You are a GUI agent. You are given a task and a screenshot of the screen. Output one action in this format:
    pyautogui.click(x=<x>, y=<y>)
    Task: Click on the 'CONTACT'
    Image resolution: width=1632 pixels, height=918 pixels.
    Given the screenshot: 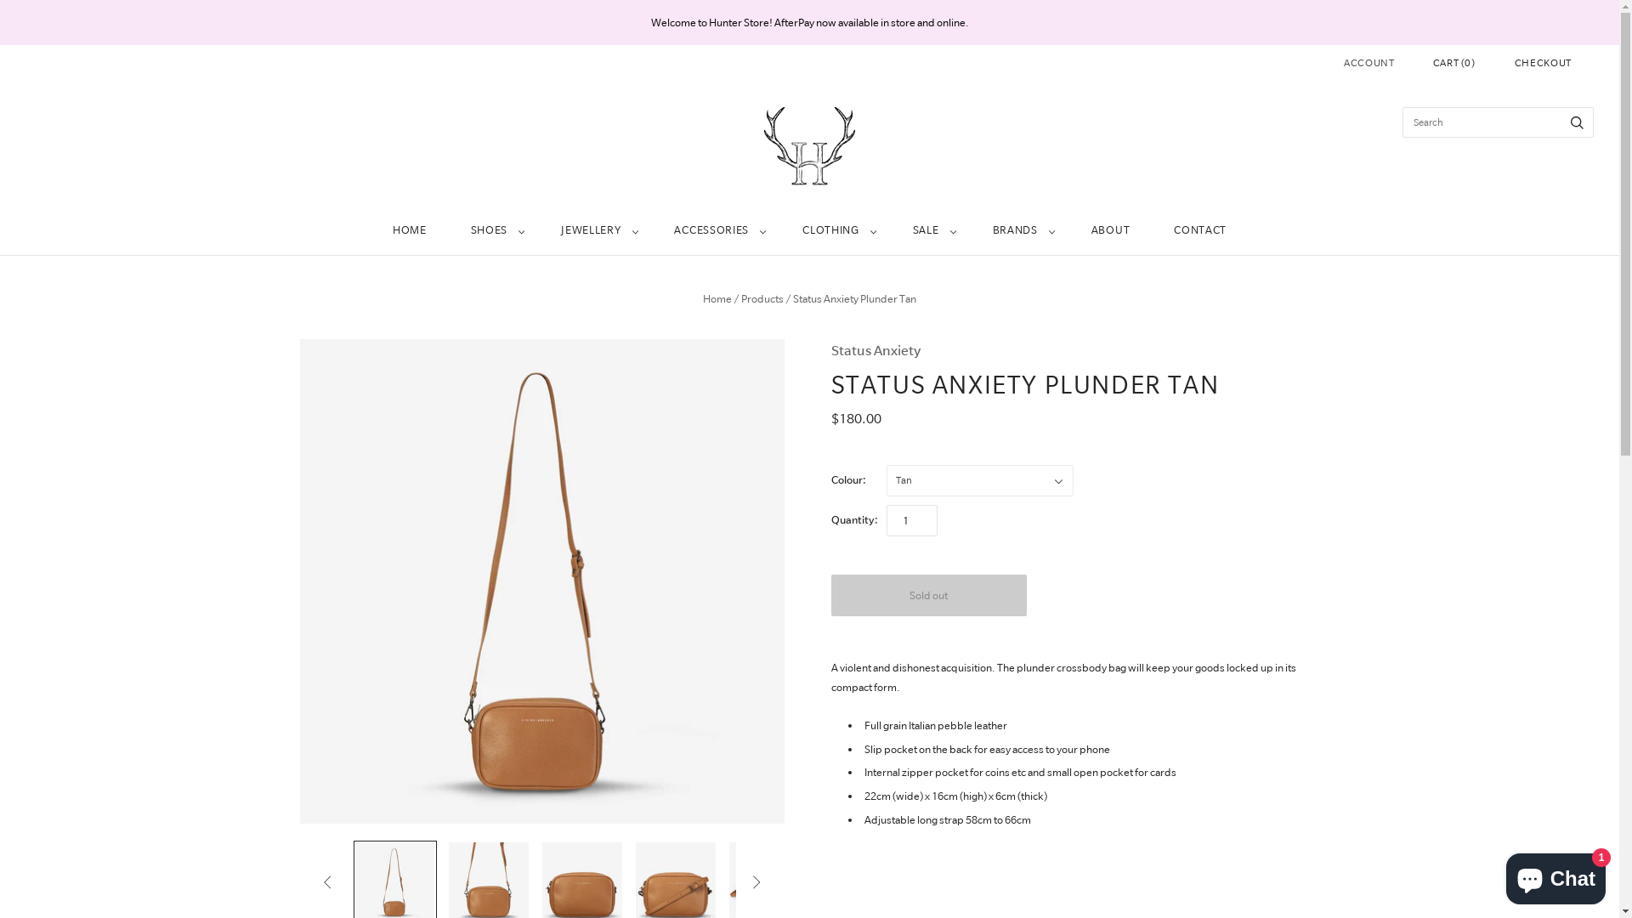 What is the action you would take?
    pyautogui.click(x=1151, y=230)
    